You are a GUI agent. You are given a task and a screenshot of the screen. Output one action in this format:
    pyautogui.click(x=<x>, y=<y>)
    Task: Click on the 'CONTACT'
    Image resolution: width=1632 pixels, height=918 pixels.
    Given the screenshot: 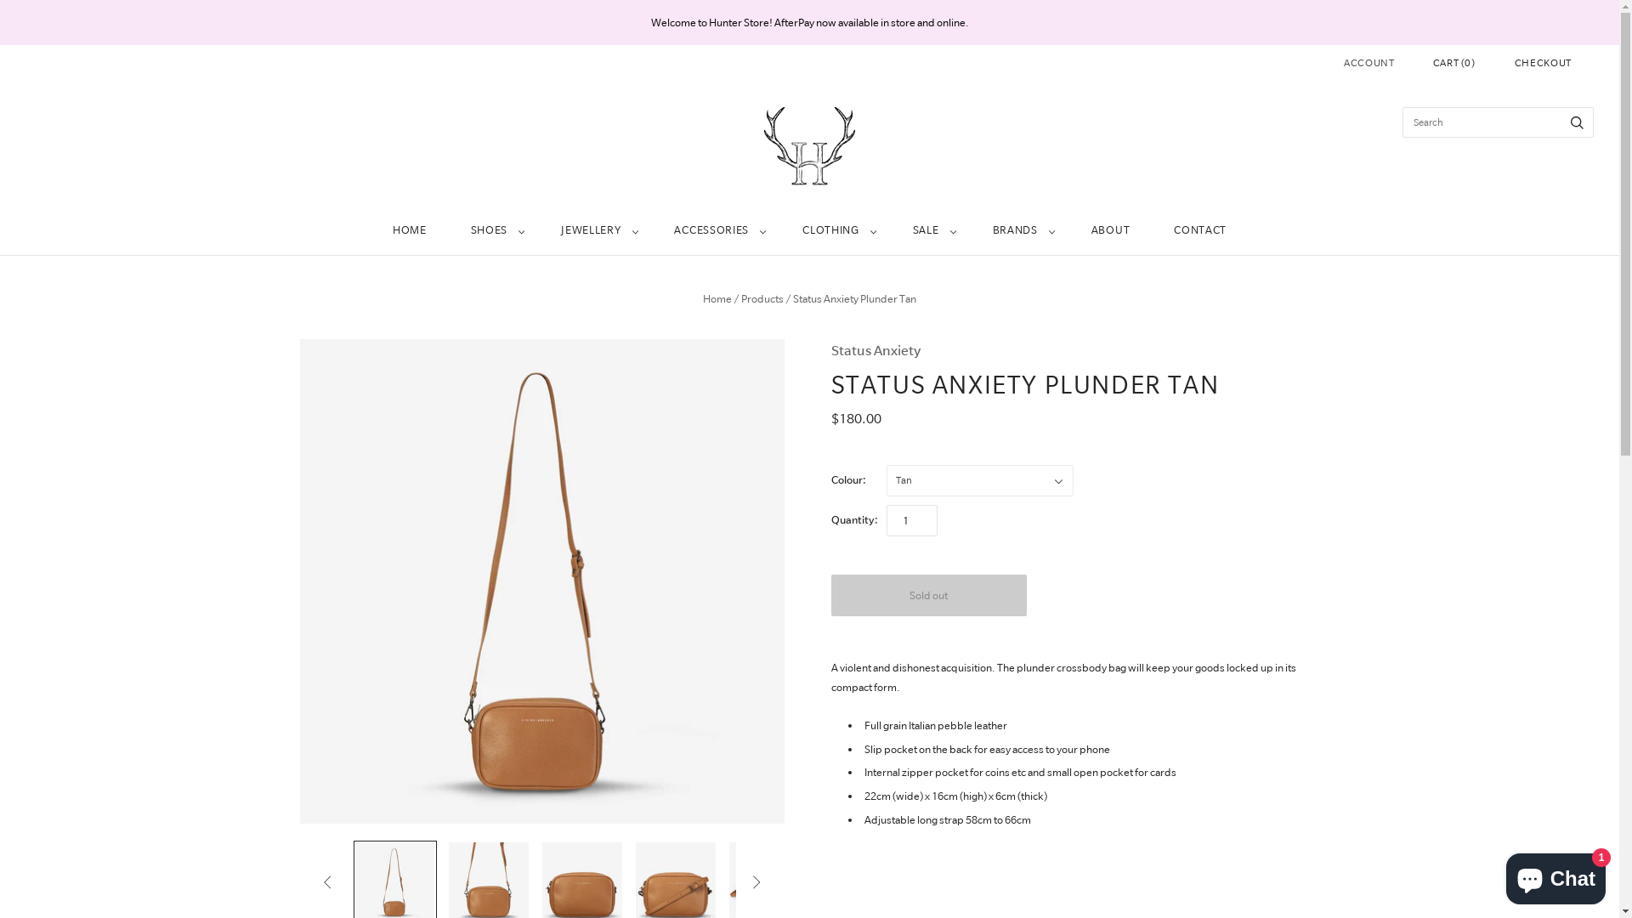 What is the action you would take?
    pyautogui.click(x=1151, y=230)
    